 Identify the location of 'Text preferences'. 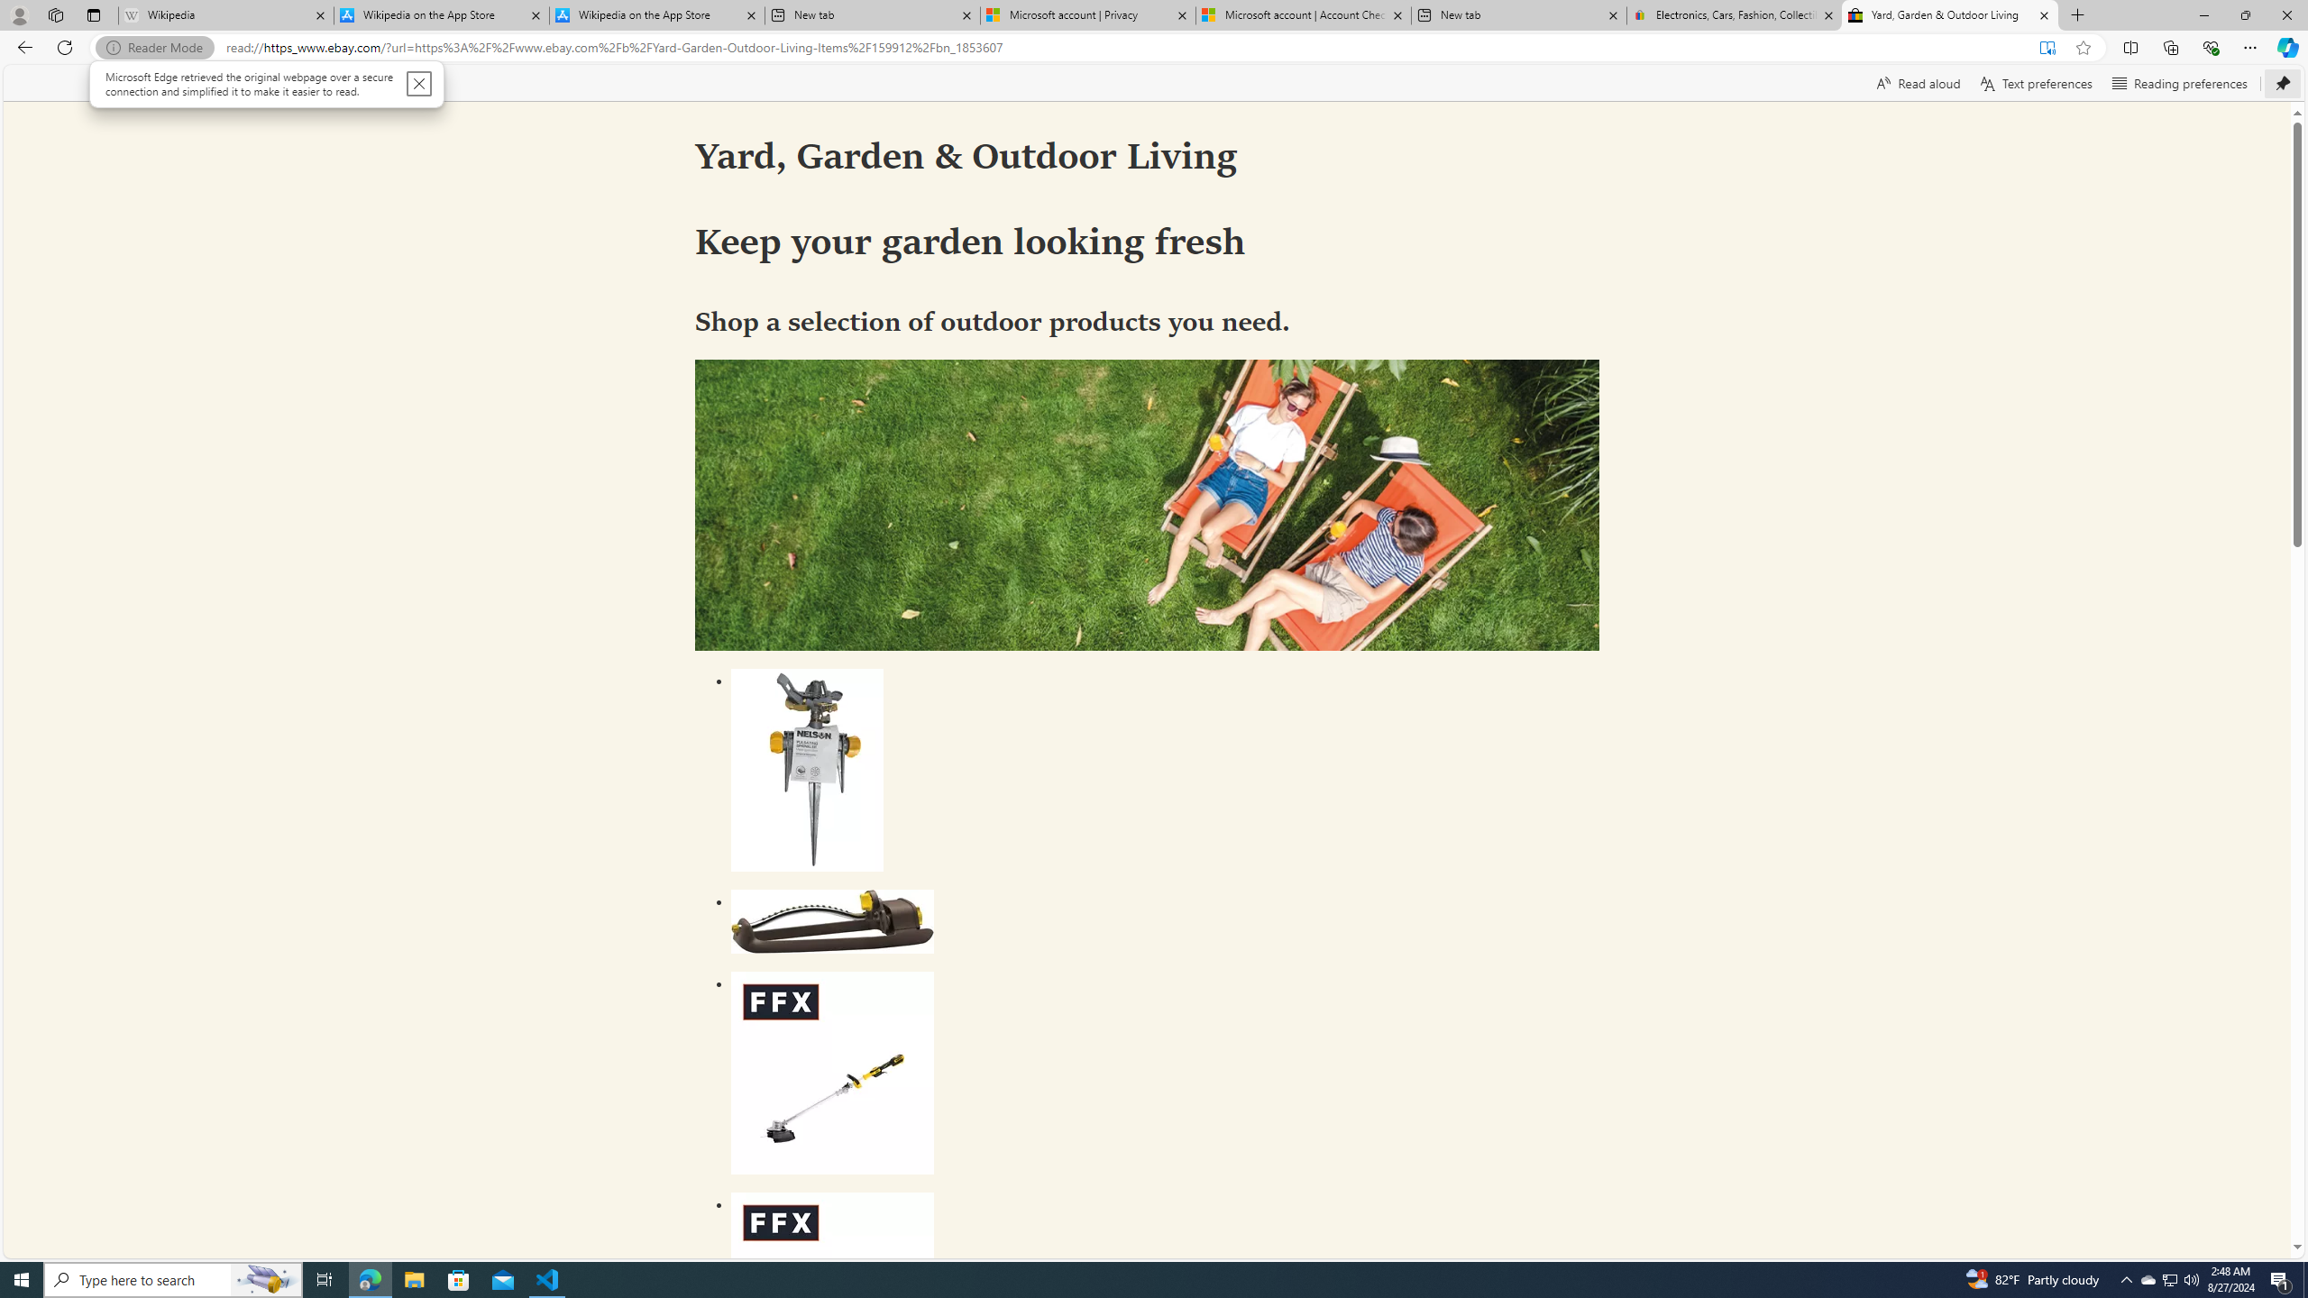
(2035, 82).